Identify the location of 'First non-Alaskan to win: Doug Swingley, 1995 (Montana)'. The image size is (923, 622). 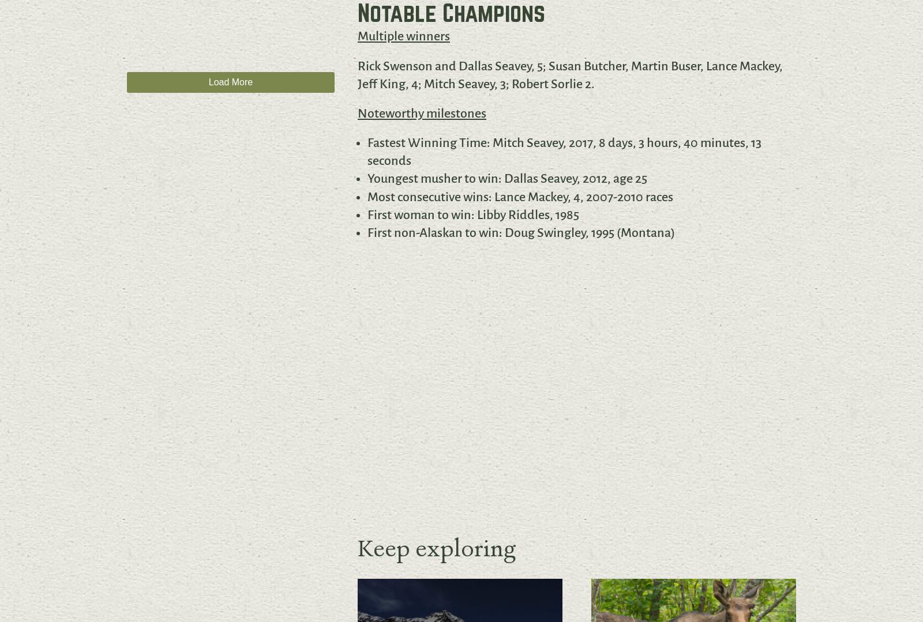
(520, 232).